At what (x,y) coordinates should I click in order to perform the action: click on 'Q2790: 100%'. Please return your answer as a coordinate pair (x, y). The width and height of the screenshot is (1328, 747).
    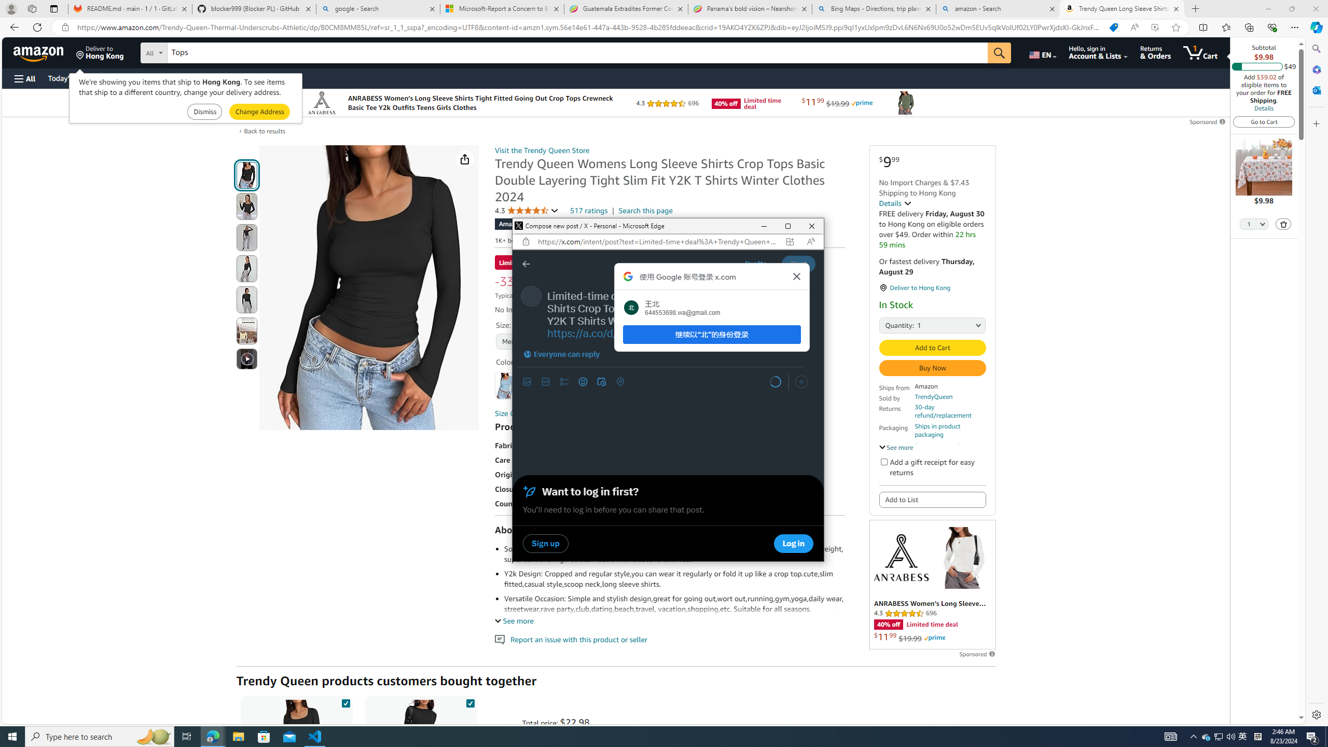
    Looking at the image, I should click on (1230, 736).